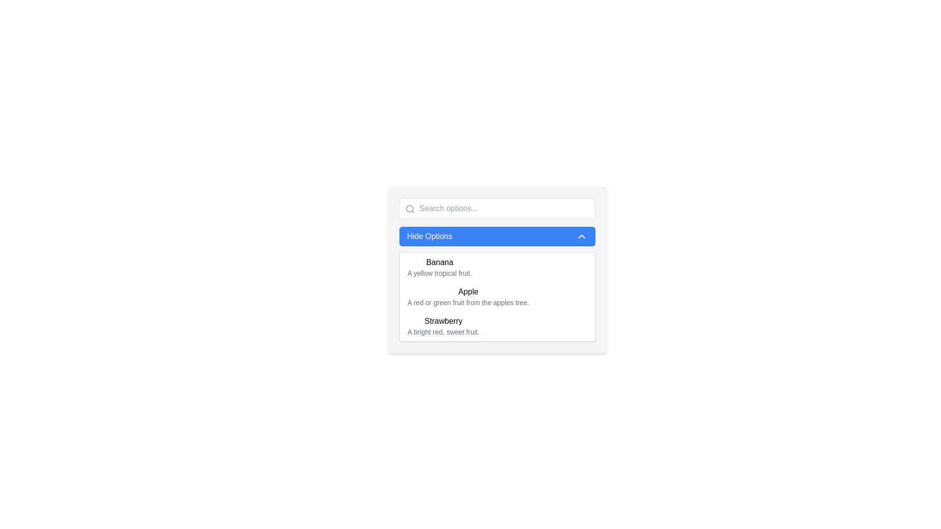 Image resolution: width=941 pixels, height=529 pixels. Describe the element at coordinates (497, 296) in the screenshot. I see `the text element titled 'Apple' which includes a description about the fruit, located between 'Banana' and 'Strawberry'` at that location.